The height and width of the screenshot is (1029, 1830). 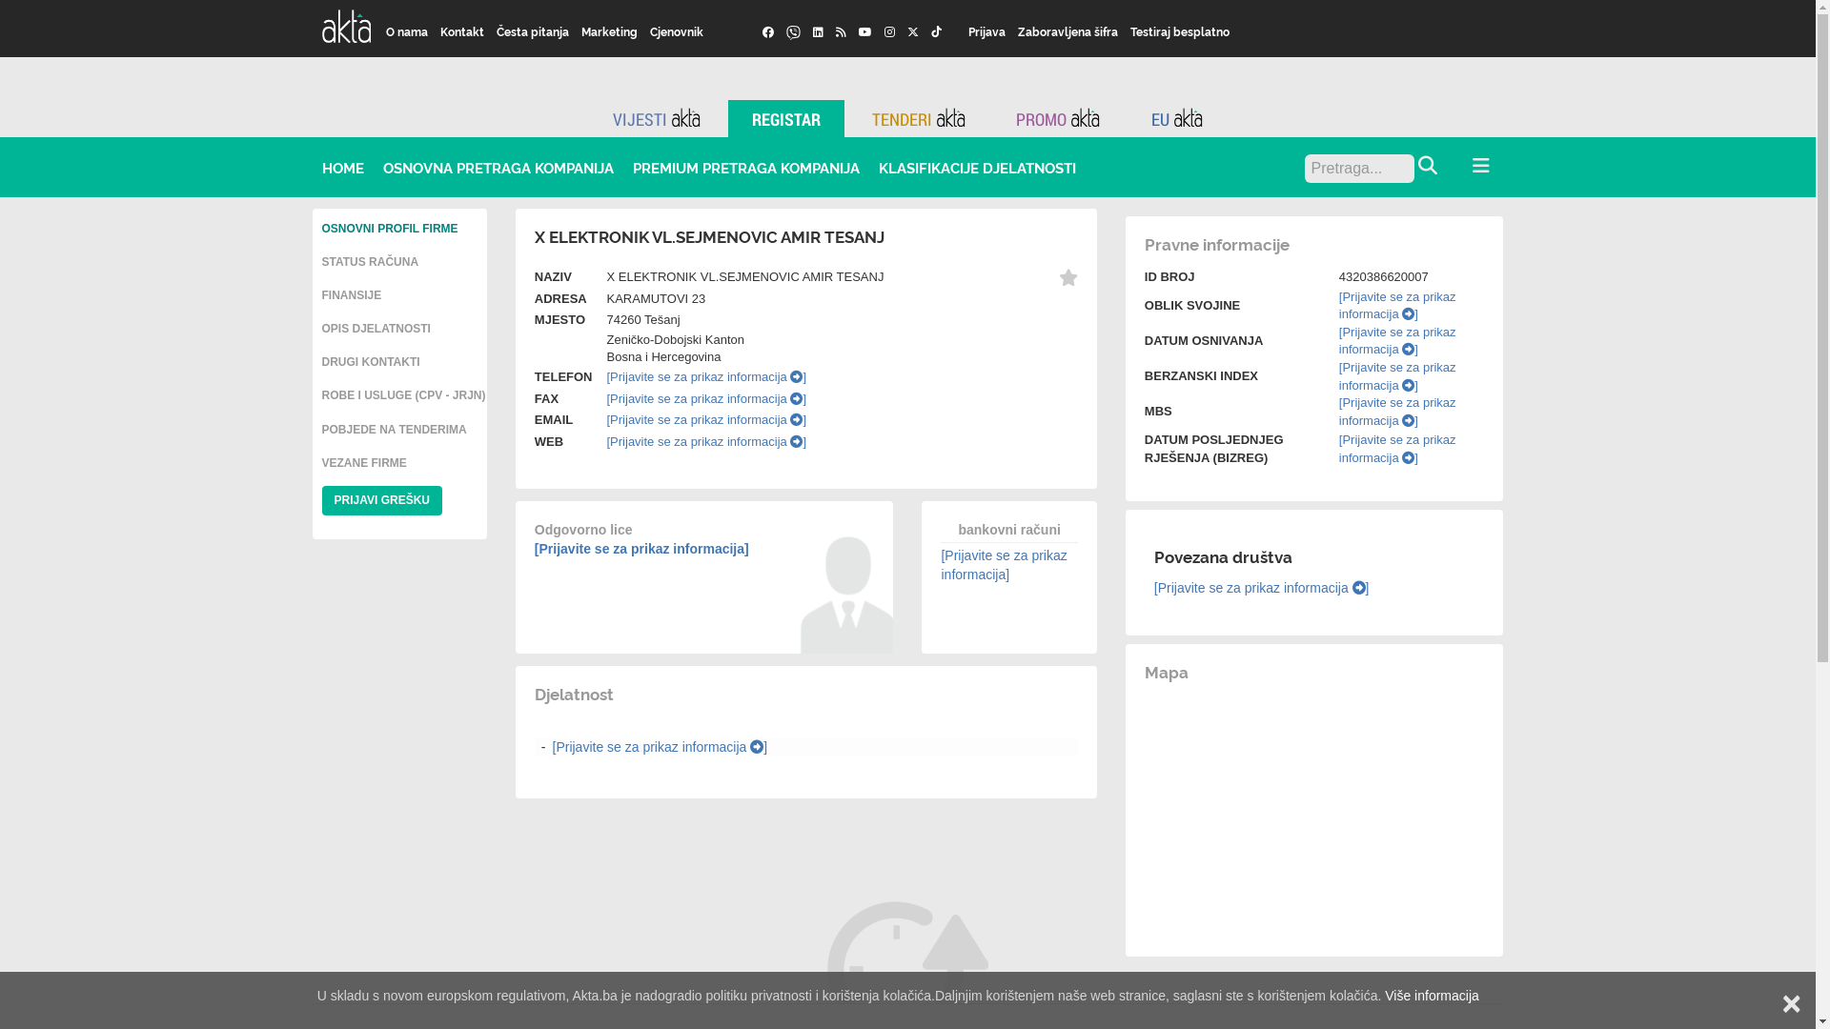 What do you see at coordinates (371, 362) in the screenshot?
I see `'DRUGI KONTAKTI'` at bounding box center [371, 362].